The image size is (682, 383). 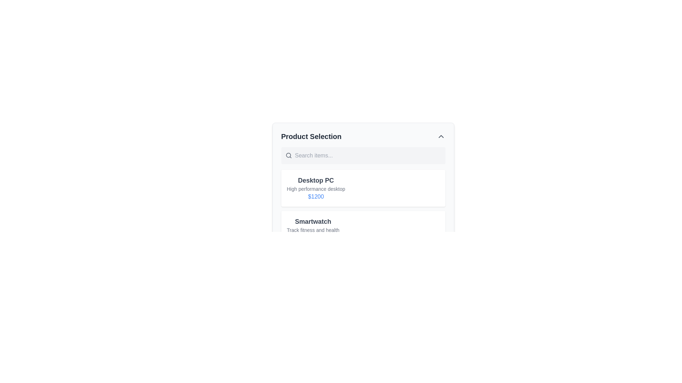 What do you see at coordinates (315, 180) in the screenshot?
I see `the Text label titled 'Desktop PC' to emphasize it and trigger possible tooltips` at bounding box center [315, 180].